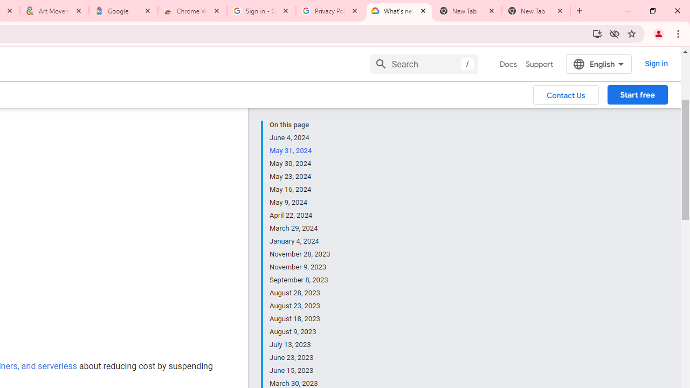 This screenshot has width=690, height=388. I want to click on 'August 18, 2023', so click(300, 318).